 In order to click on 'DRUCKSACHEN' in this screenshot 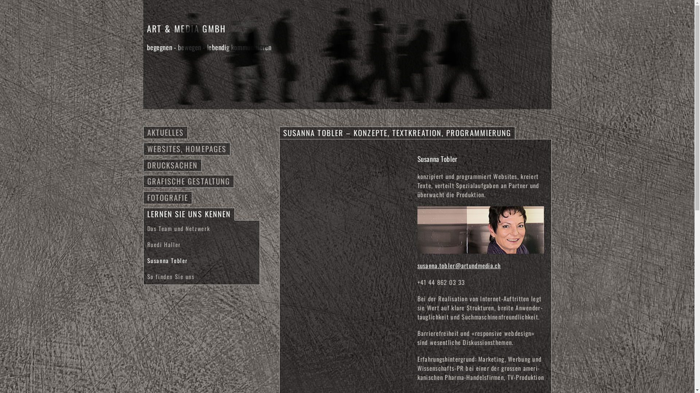, I will do `click(172, 165)`.